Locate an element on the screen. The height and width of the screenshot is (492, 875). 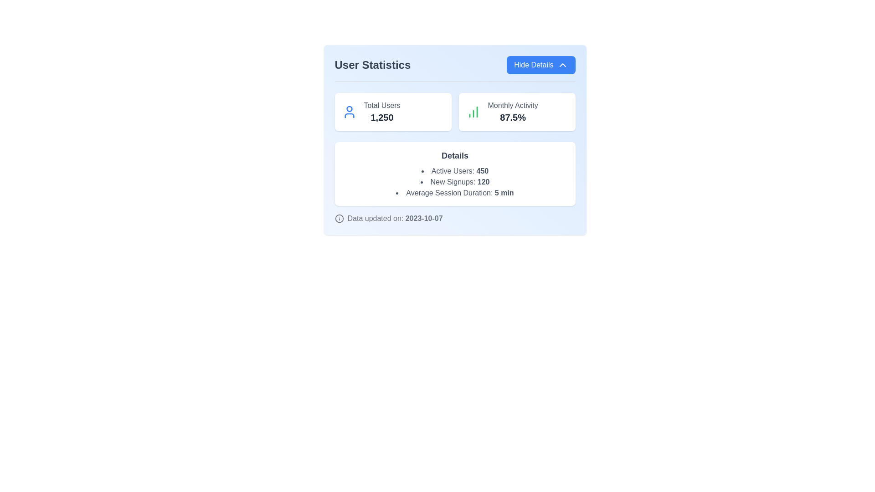
the text label that indicates the metric represented by the number '1,250', which is positioned above it and next to a user icon is located at coordinates (382, 105).